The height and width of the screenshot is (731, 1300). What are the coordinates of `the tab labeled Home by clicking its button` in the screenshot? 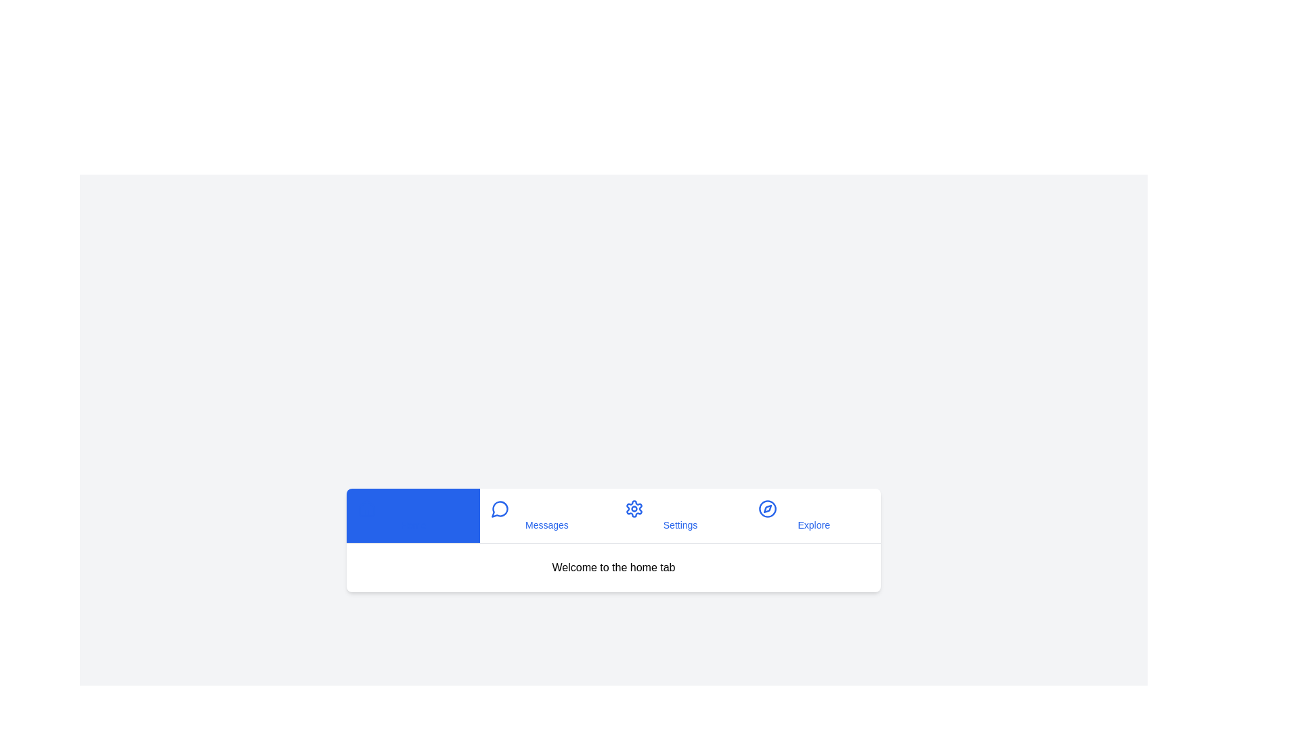 It's located at (412, 515).